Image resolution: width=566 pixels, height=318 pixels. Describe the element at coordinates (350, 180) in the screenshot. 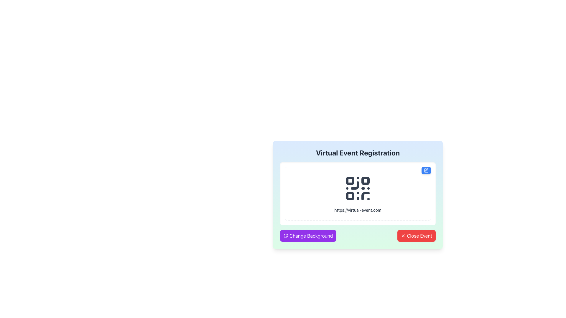

I see `the first square of the QR code component, located at the top-left corner of the visual design within the 'Virtual Event Registration' modal interface` at that location.